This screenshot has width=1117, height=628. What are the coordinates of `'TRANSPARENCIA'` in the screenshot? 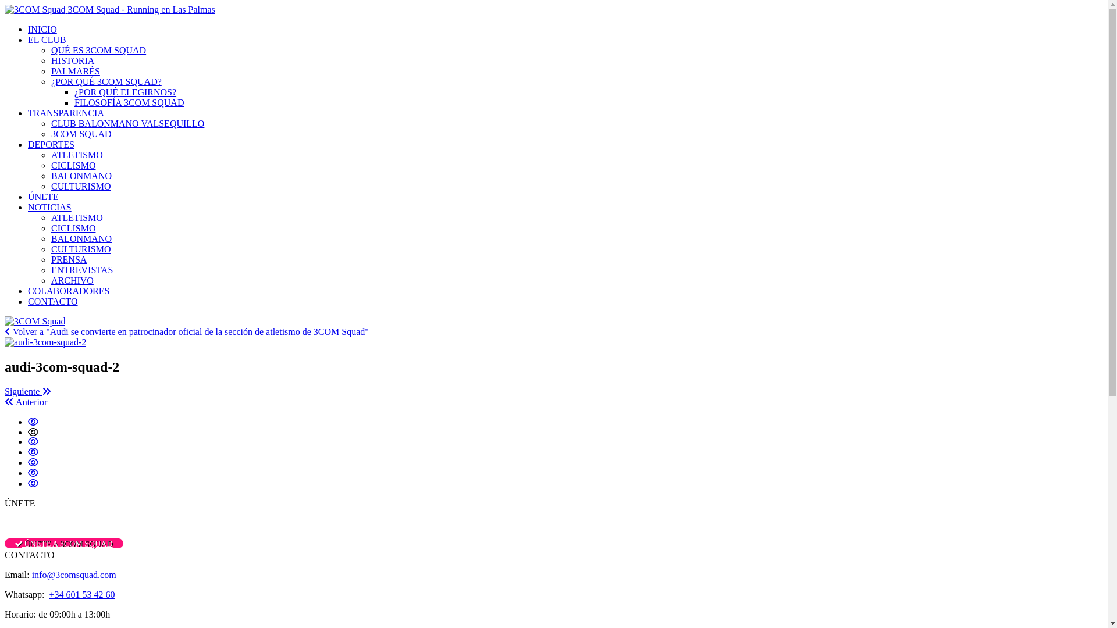 It's located at (28, 113).